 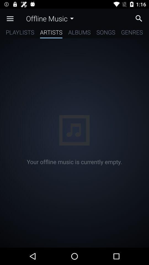 What do you see at coordinates (72, 18) in the screenshot?
I see `the dropdown which is right after offline music` at bounding box center [72, 18].